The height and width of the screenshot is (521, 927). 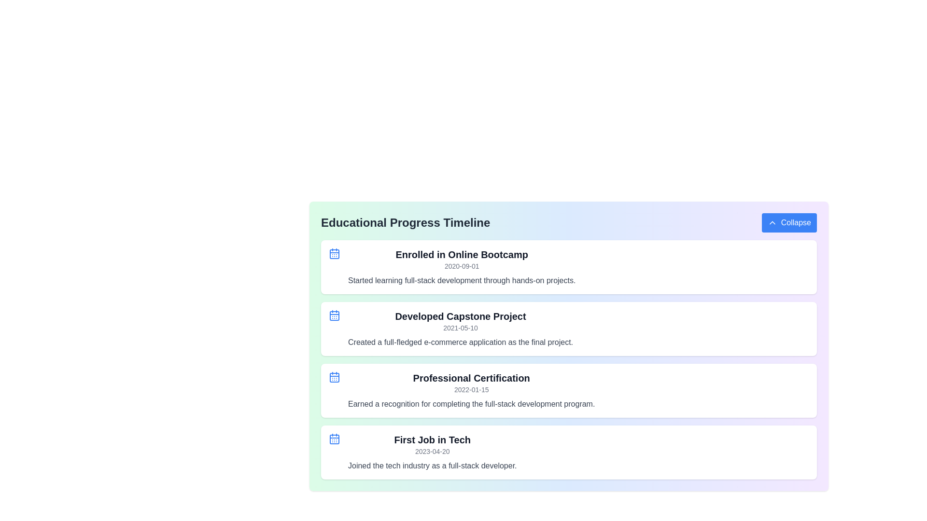 I want to click on the Timeline item titled 'Professional Certification' using keyboard navigation to focus on it, so click(x=569, y=391).